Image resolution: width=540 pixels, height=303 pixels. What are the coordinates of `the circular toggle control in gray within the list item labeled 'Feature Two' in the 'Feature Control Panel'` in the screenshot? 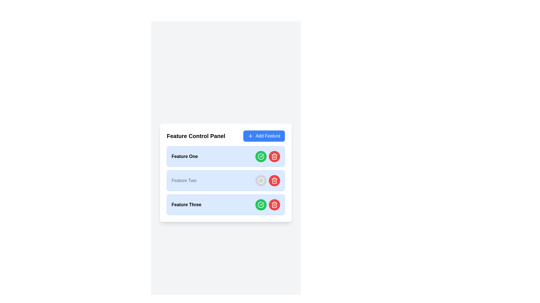 It's located at (226, 181).